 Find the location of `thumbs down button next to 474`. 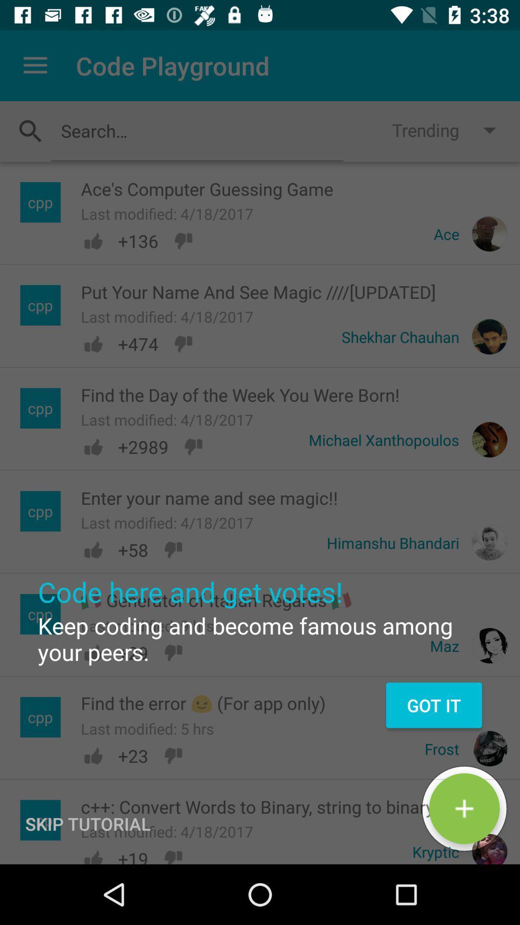

thumbs down button next to 474 is located at coordinates (183, 344).